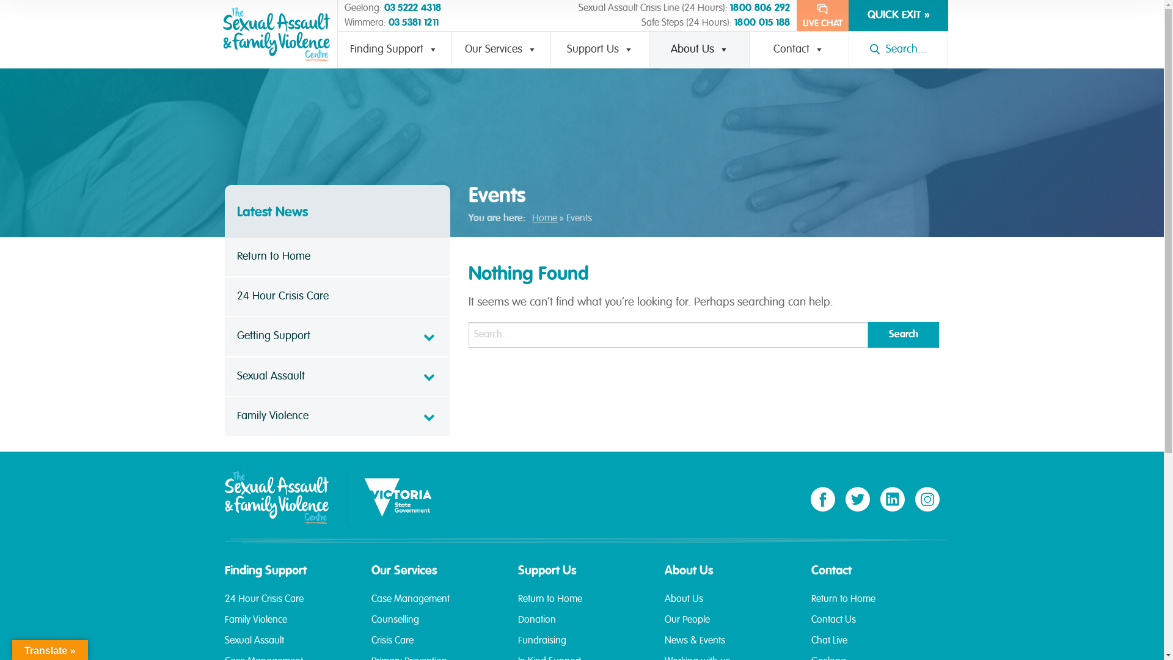 The image size is (1173, 660). Describe the element at coordinates (797, 15) in the screenshot. I see `'LIVE CHAT'` at that location.